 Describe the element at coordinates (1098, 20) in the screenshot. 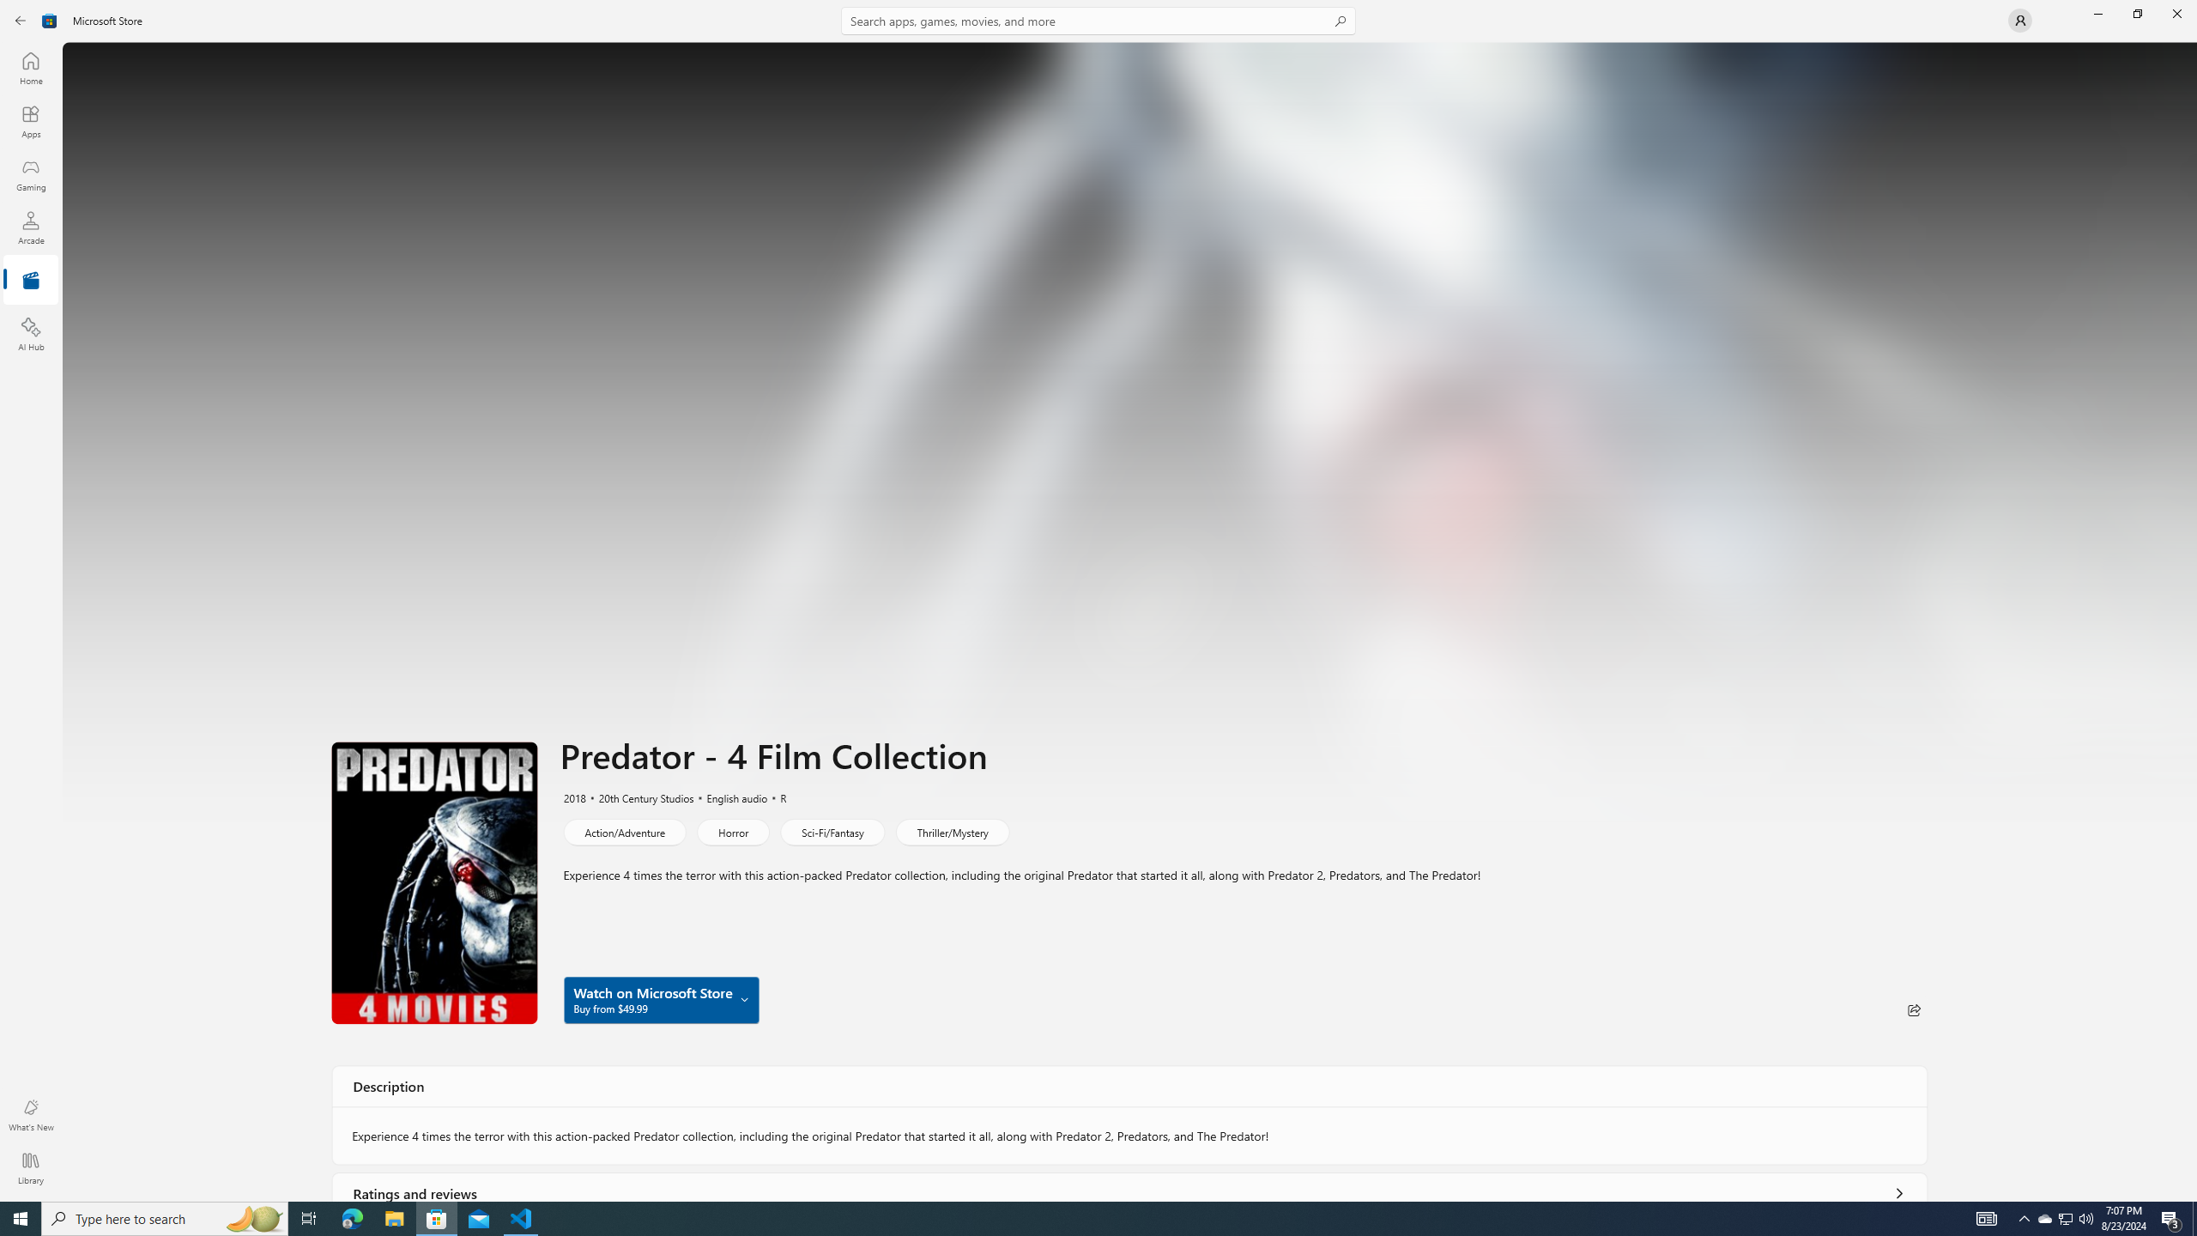

I see `'Search'` at that location.